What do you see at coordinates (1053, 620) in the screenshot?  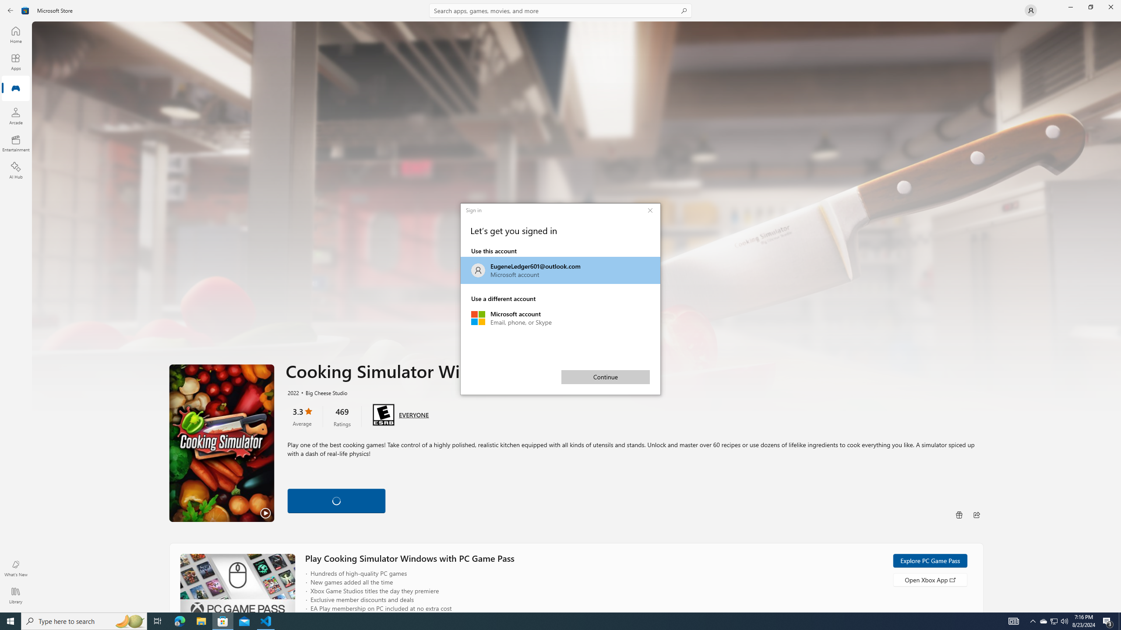 I see `'User Promoted Notification Area'` at bounding box center [1053, 620].